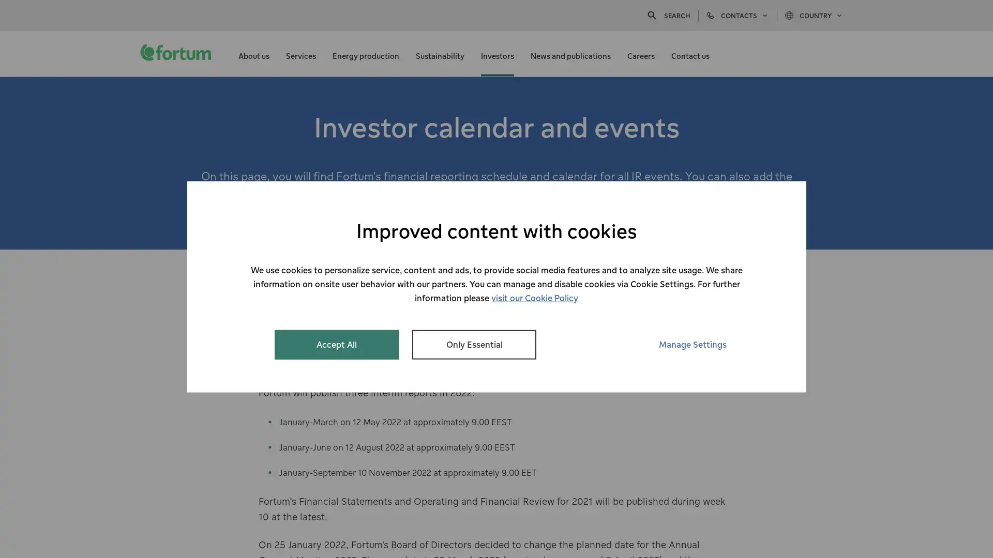 This screenshot has height=558, width=993. What do you see at coordinates (300, 54) in the screenshot?
I see `Services` at bounding box center [300, 54].